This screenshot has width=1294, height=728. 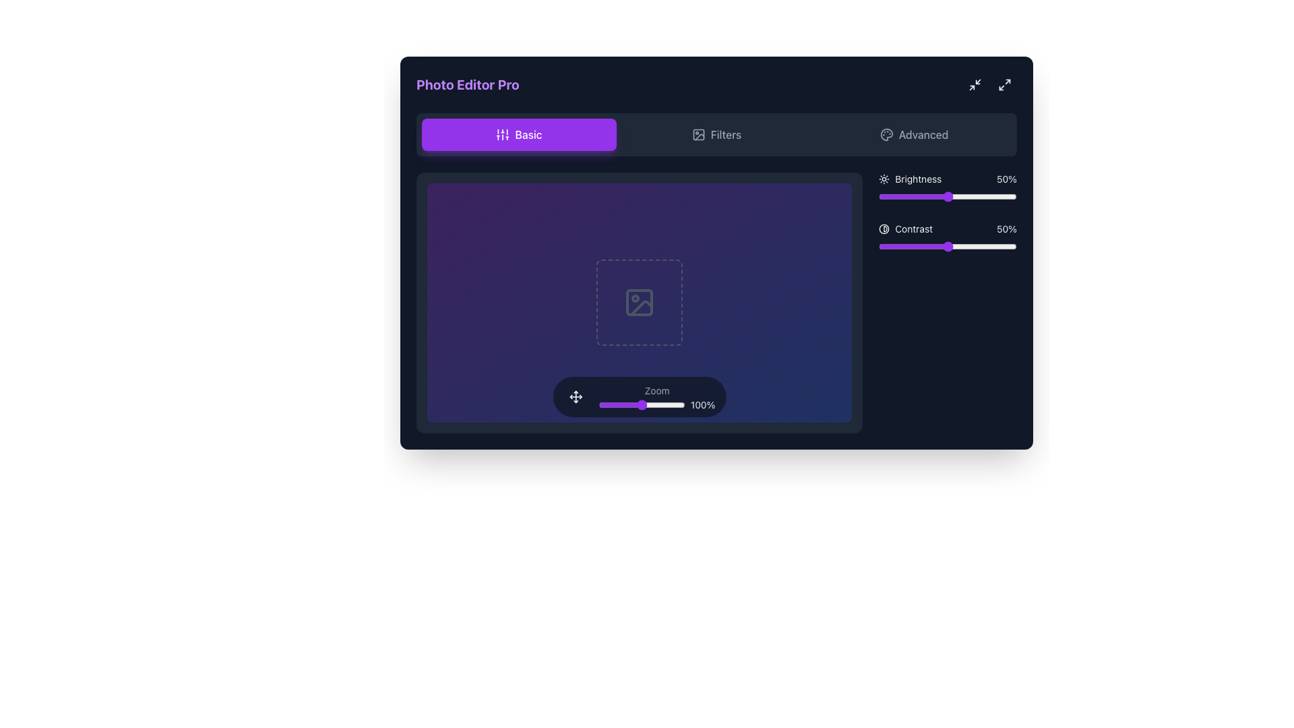 I want to click on within the main editing interface of the application that allows users, so click(x=716, y=302).